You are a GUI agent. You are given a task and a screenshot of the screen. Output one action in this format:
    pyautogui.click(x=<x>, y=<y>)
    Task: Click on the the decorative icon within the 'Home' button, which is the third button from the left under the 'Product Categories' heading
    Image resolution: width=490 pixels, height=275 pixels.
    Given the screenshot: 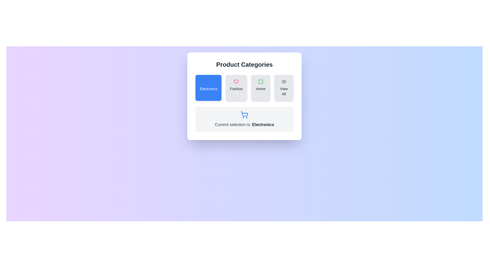 What is the action you would take?
    pyautogui.click(x=261, y=81)
    